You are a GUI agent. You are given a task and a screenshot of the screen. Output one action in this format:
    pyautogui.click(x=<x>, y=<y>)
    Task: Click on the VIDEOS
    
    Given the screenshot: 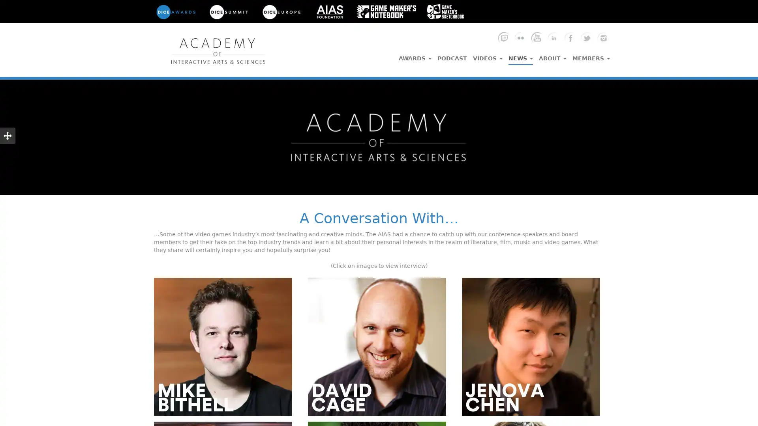 What is the action you would take?
    pyautogui.click(x=487, y=56)
    